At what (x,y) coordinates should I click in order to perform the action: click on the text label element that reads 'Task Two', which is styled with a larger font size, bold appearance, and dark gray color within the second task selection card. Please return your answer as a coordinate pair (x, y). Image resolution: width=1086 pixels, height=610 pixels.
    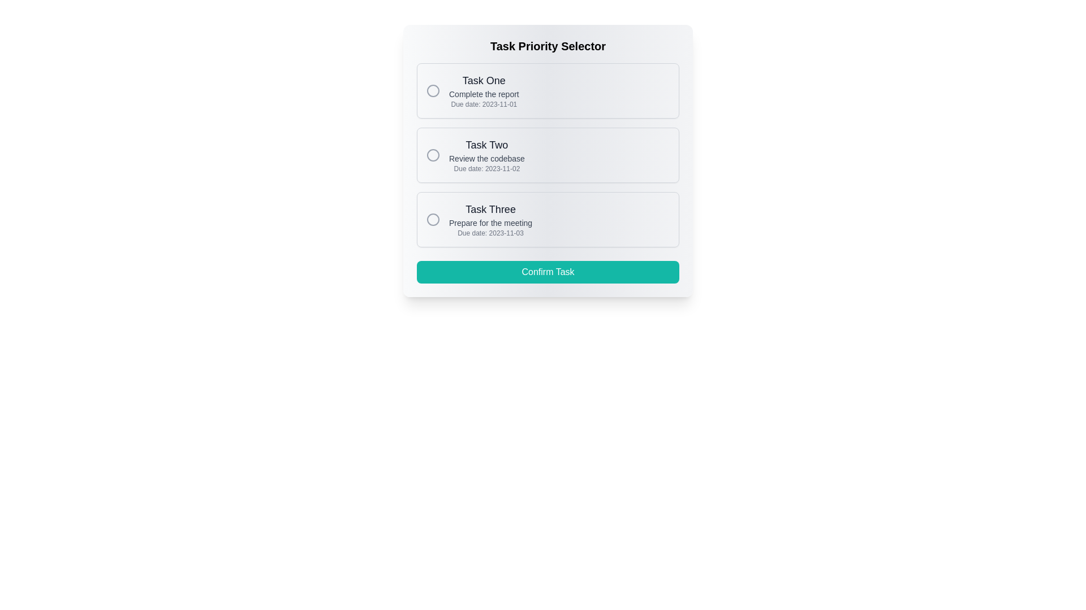
    Looking at the image, I should click on (486, 145).